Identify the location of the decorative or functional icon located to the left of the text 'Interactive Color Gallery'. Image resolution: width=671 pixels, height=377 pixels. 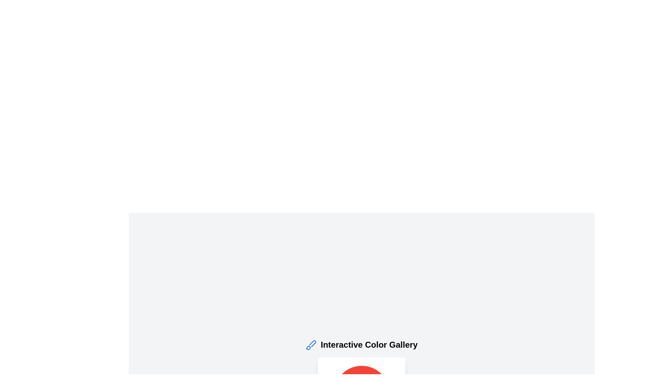
(310, 344).